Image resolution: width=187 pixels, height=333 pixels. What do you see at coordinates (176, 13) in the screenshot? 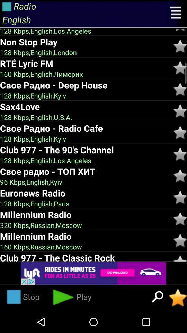
I see `settings` at bounding box center [176, 13].